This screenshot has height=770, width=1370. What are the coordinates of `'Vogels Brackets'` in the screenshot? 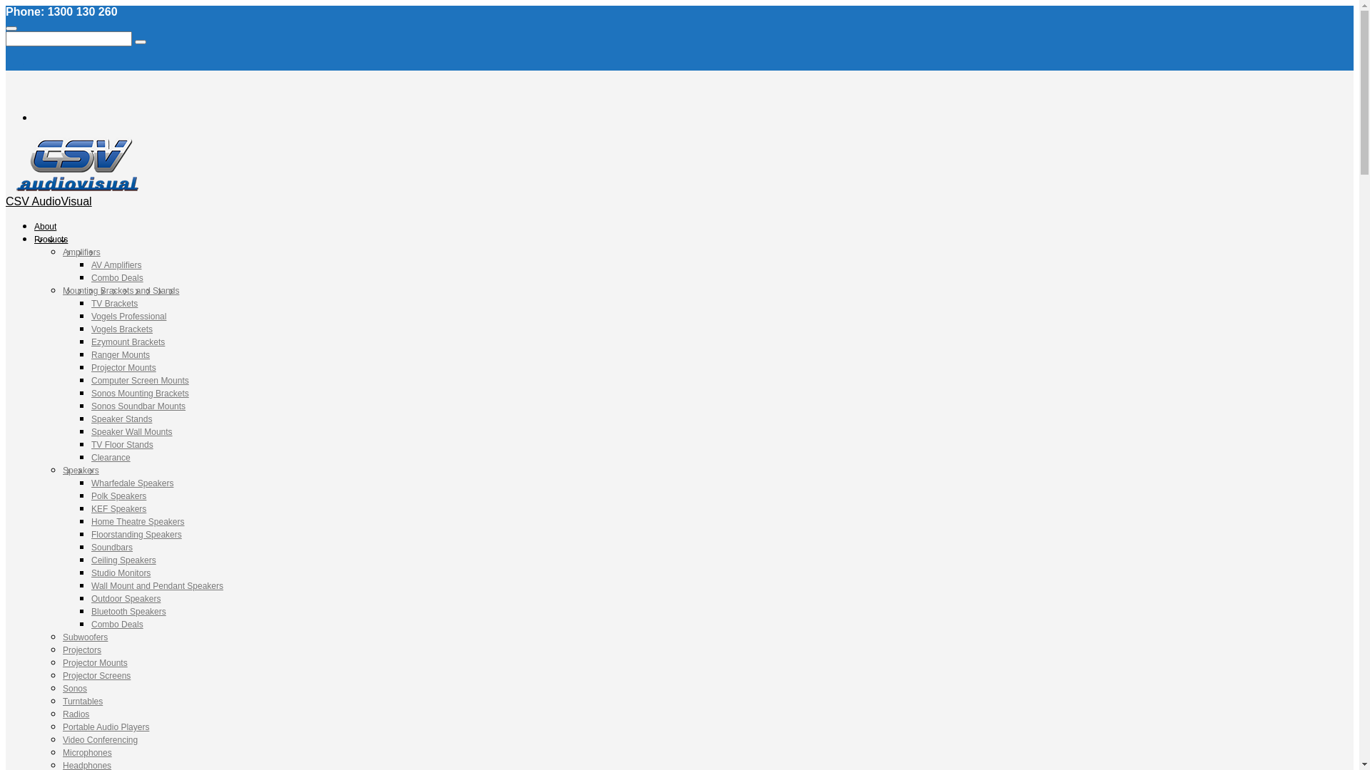 It's located at (122, 329).